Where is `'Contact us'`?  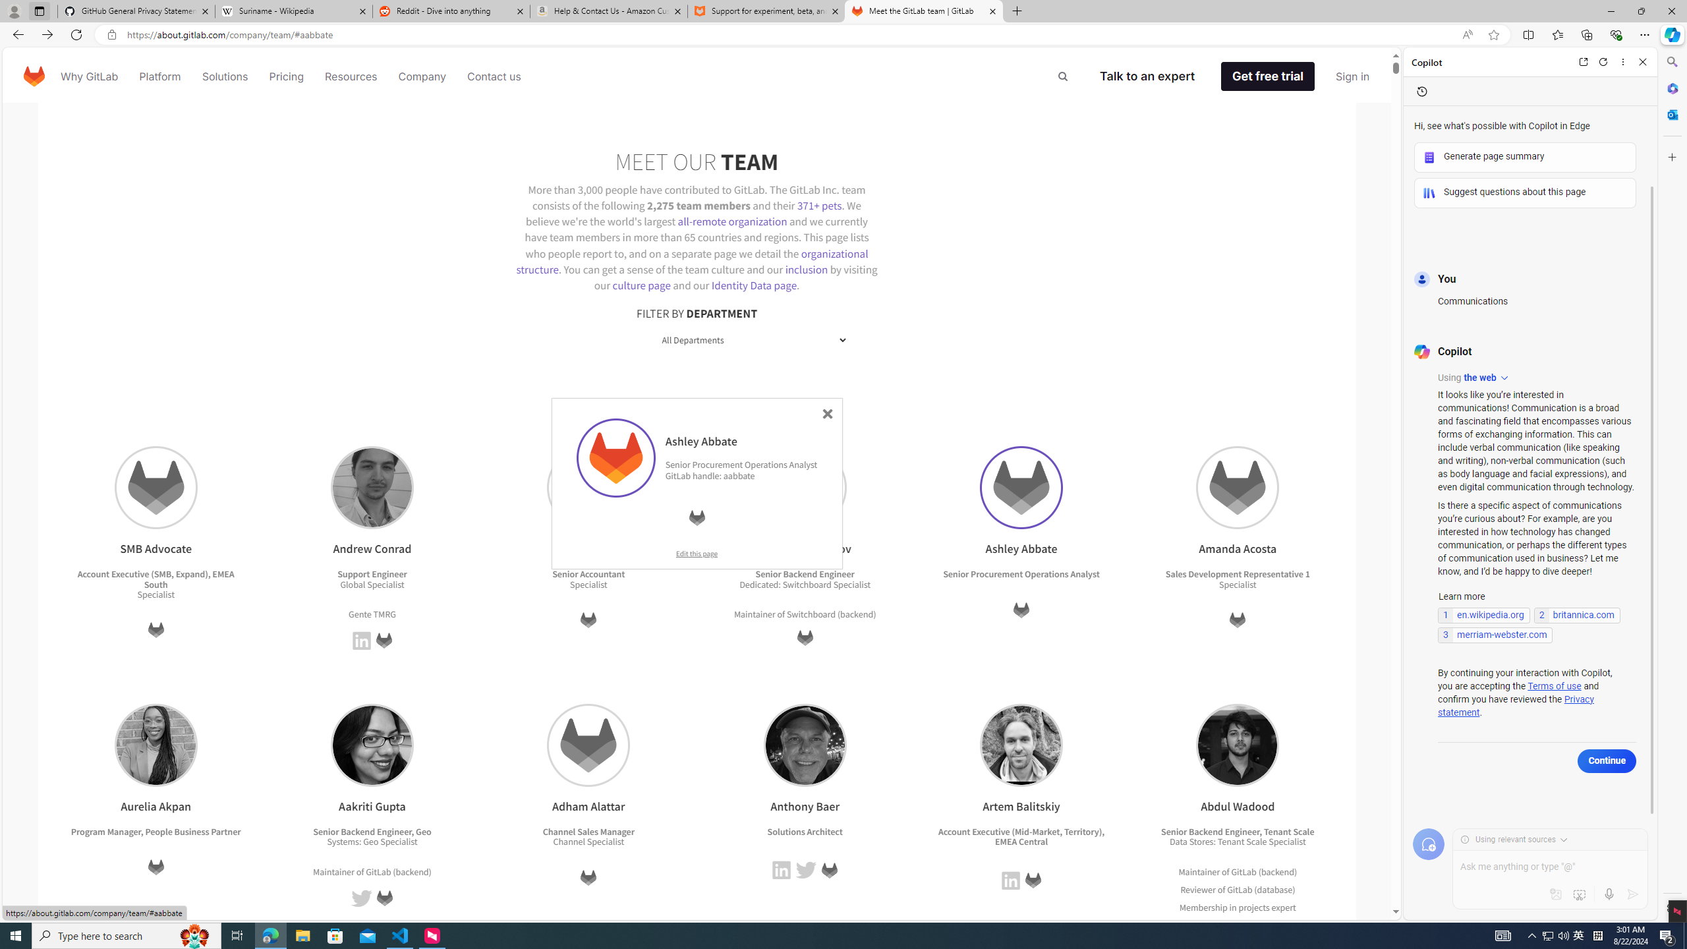
'Contact us' is located at coordinates (494, 75).